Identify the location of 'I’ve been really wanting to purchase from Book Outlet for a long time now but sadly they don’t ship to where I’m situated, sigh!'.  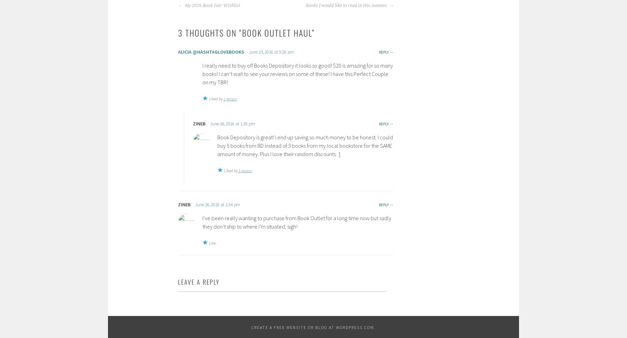
(296, 221).